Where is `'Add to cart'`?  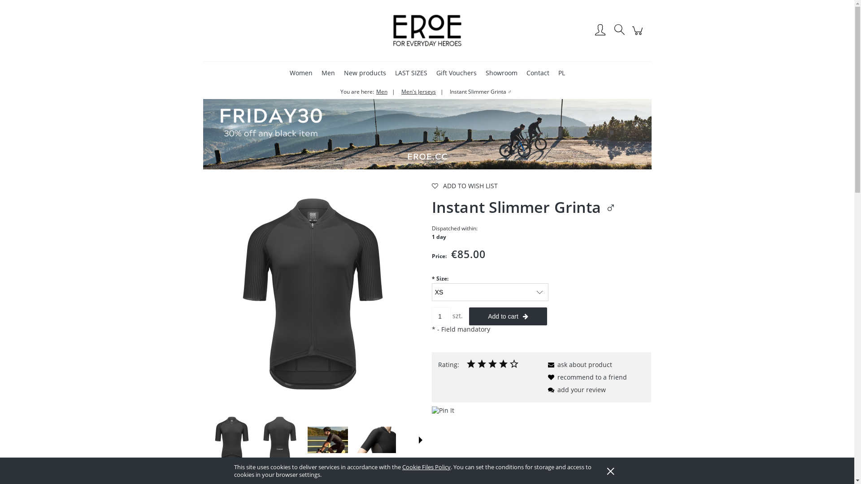
'Add to cart' is located at coordinates (469, 315).